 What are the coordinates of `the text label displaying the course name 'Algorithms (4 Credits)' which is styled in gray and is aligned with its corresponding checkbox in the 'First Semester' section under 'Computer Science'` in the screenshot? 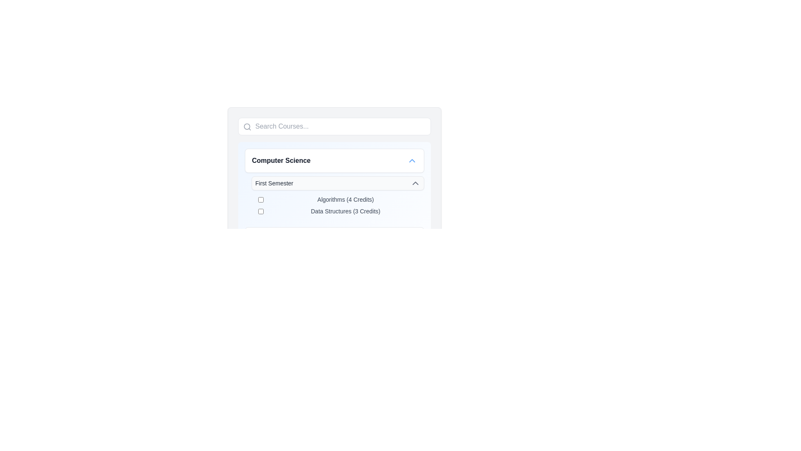 It's located at (345, 200).